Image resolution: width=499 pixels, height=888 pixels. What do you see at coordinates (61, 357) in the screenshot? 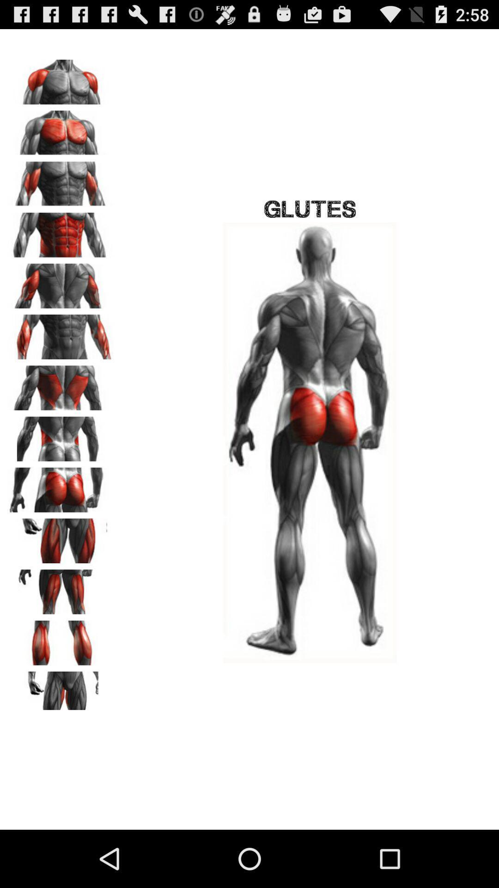
I see `the pause icon` at bounding box center [61, 357].